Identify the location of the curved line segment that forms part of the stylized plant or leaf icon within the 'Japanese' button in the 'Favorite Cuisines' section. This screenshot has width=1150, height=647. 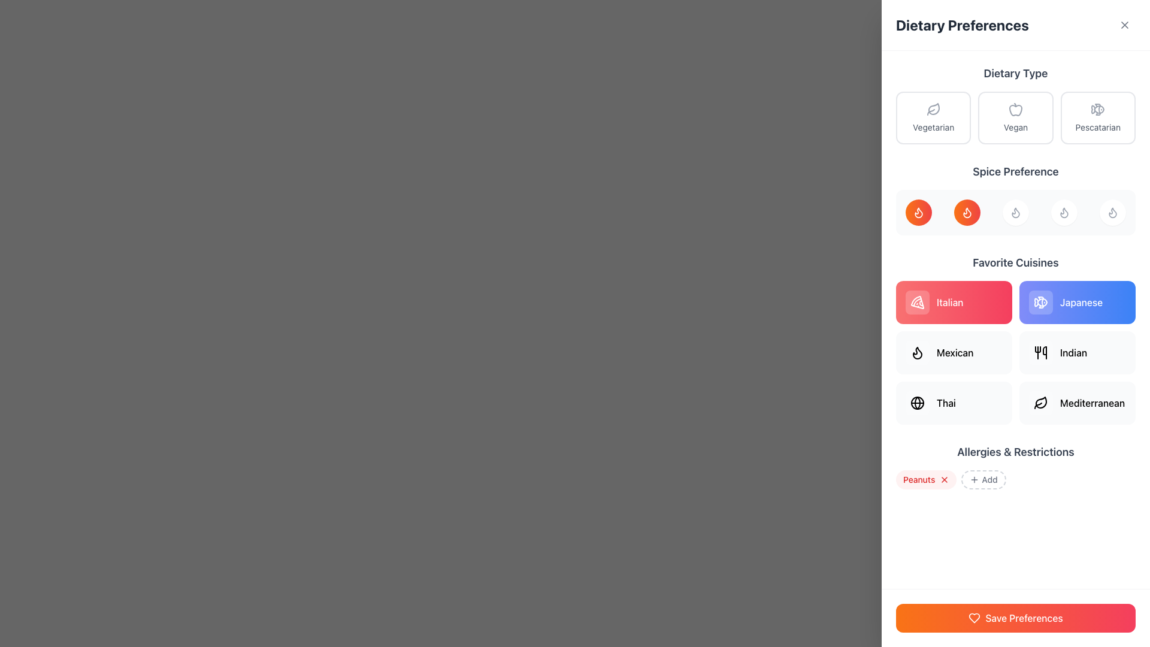
(1037, 405).